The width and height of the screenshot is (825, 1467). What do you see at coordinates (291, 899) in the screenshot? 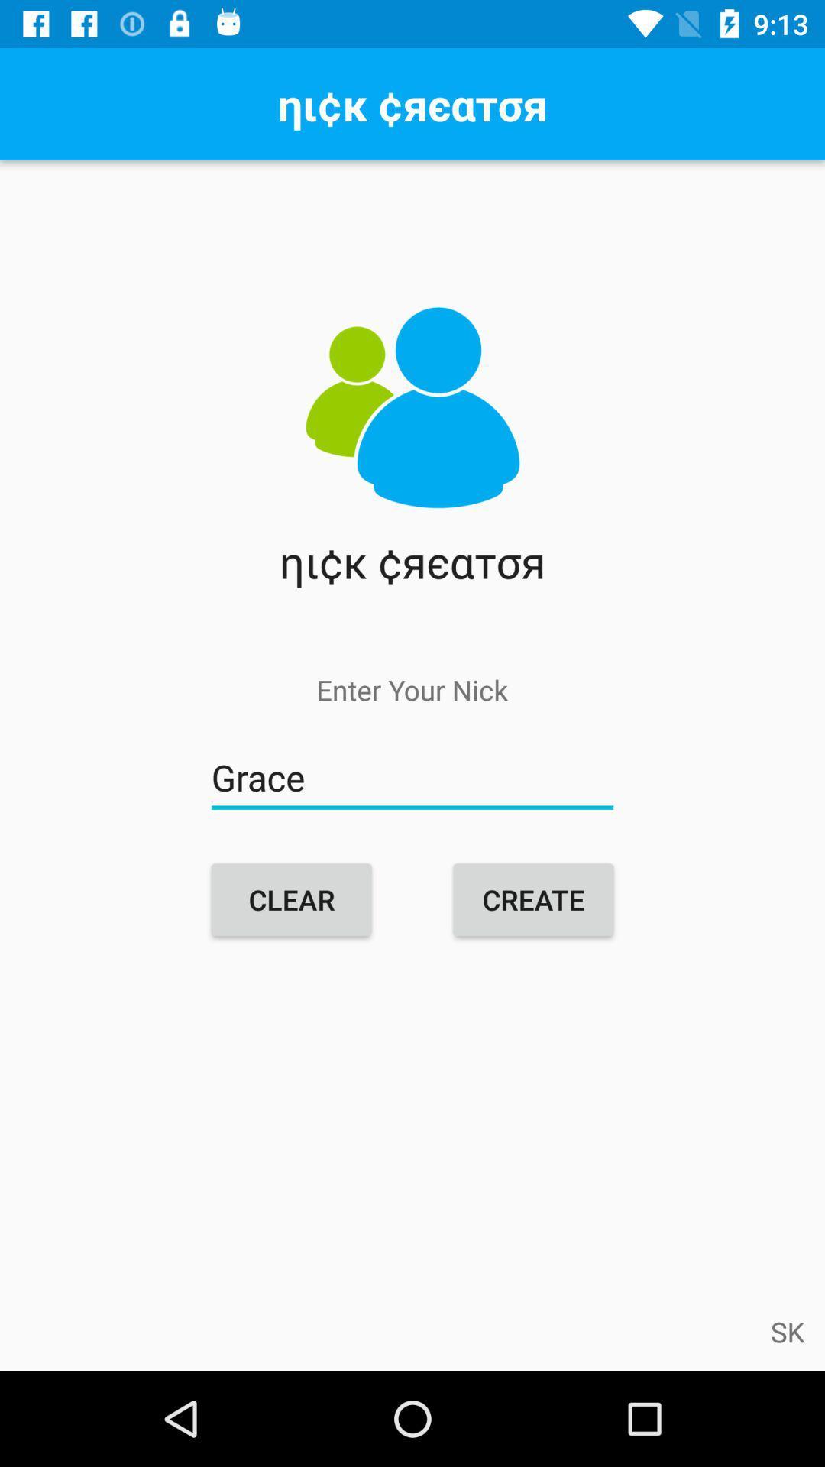
I see `item below grace icon` at bounding box center [291, 899].